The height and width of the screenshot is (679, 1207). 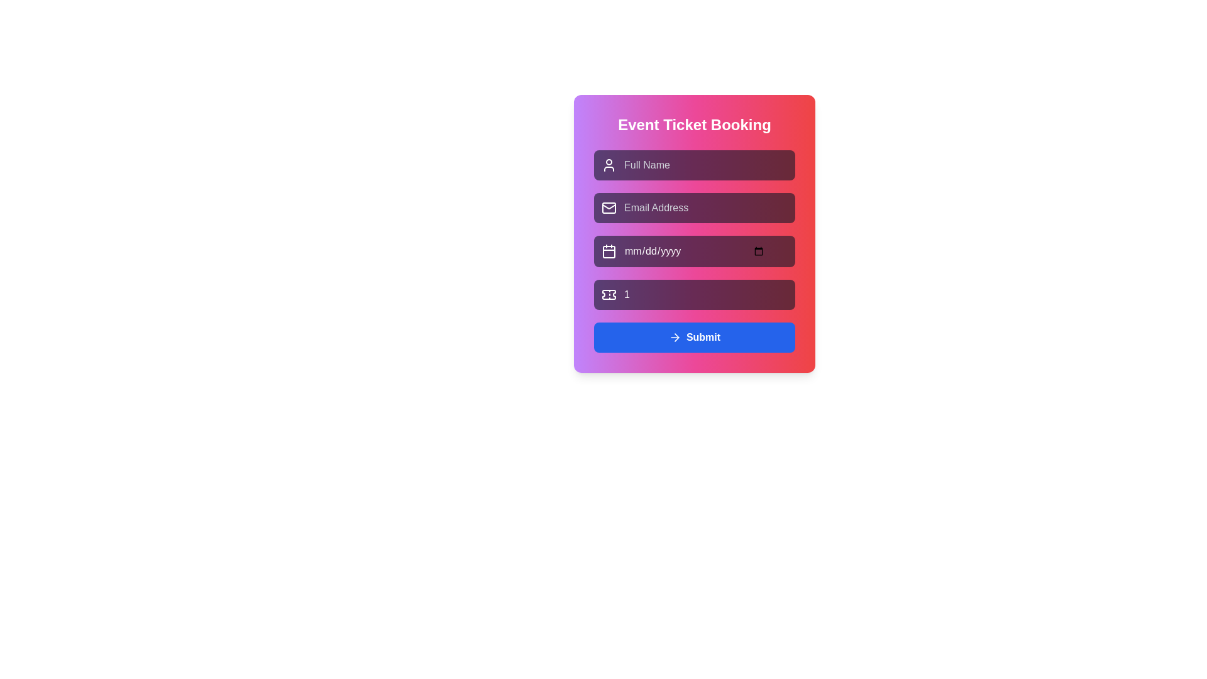 I want to click on the number input field for ticket reservation, which is the fourth input field in the vertical stack, to focus it, so click(x=693, y=295).